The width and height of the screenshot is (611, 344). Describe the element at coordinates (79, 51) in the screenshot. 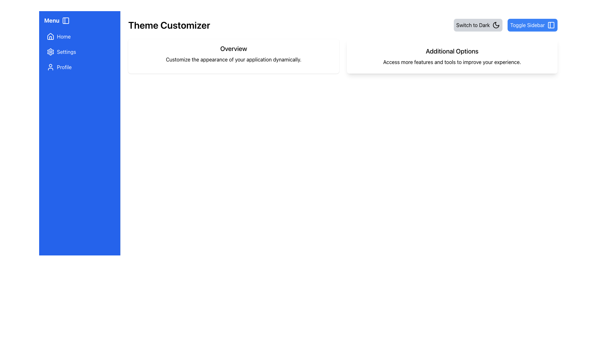

I see `the second hyperlink in the vertical navigation menu` at that location.